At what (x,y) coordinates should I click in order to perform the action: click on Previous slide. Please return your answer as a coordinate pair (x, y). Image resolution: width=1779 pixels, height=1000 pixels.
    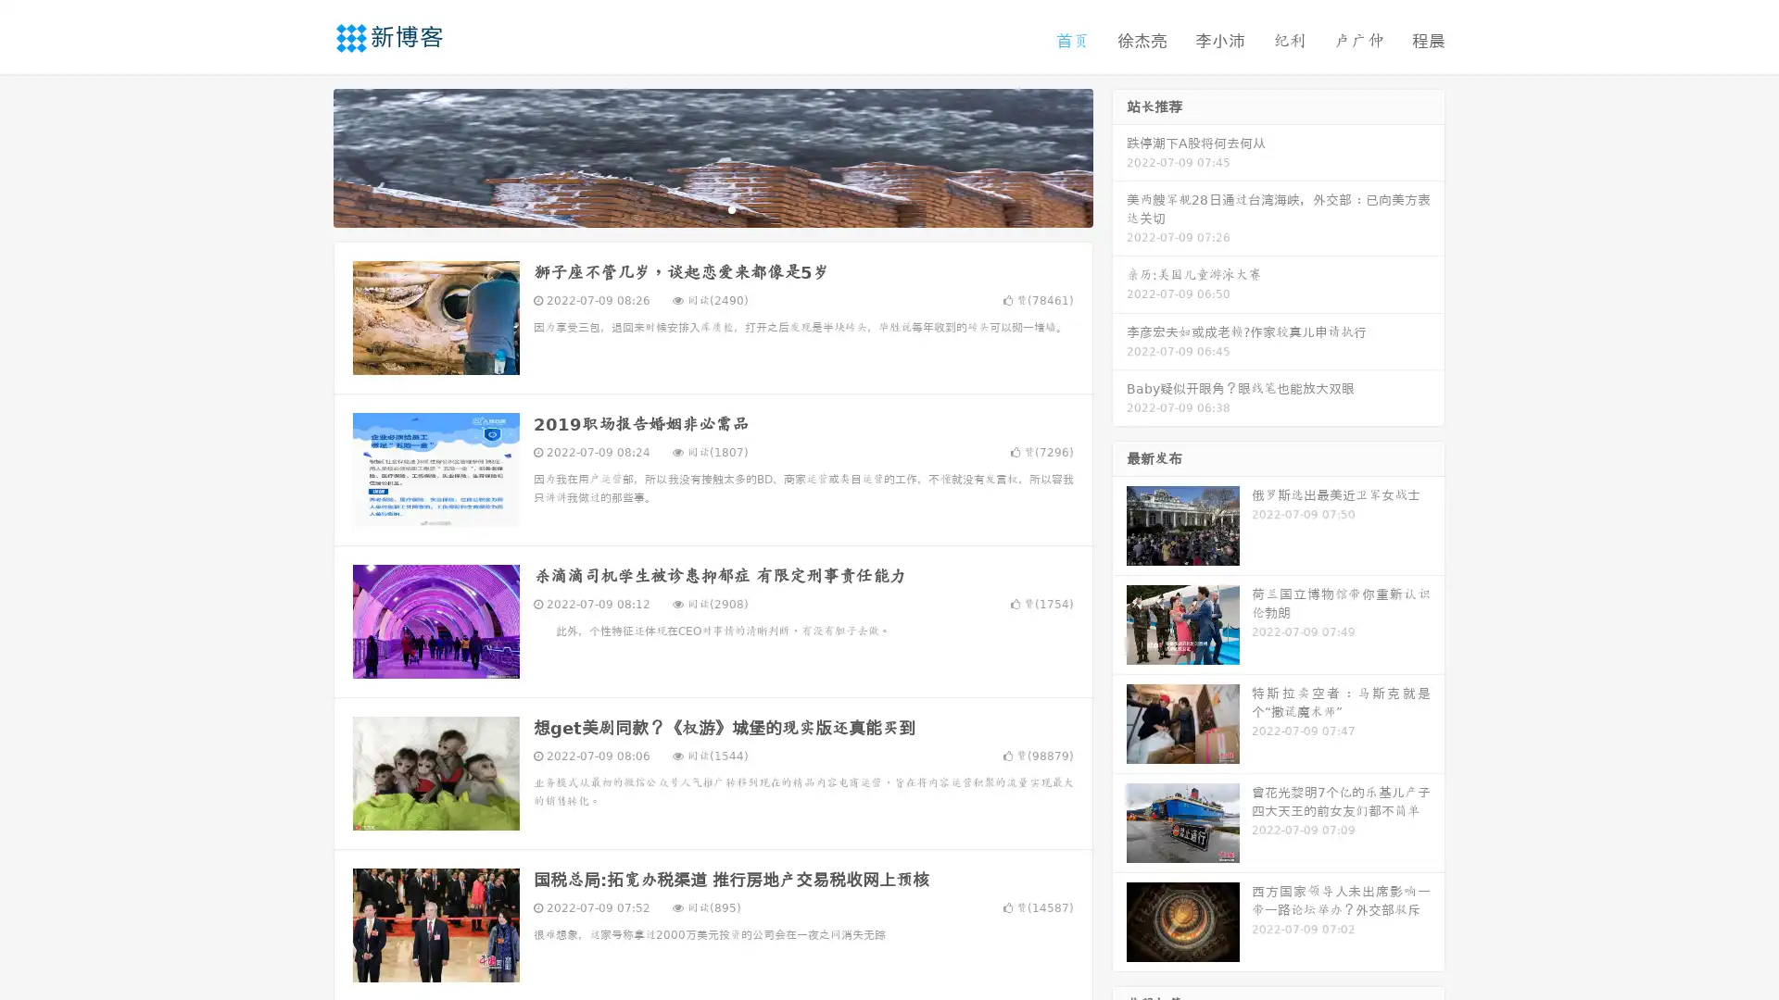
    Looking at the image, I should click on (306, 156).